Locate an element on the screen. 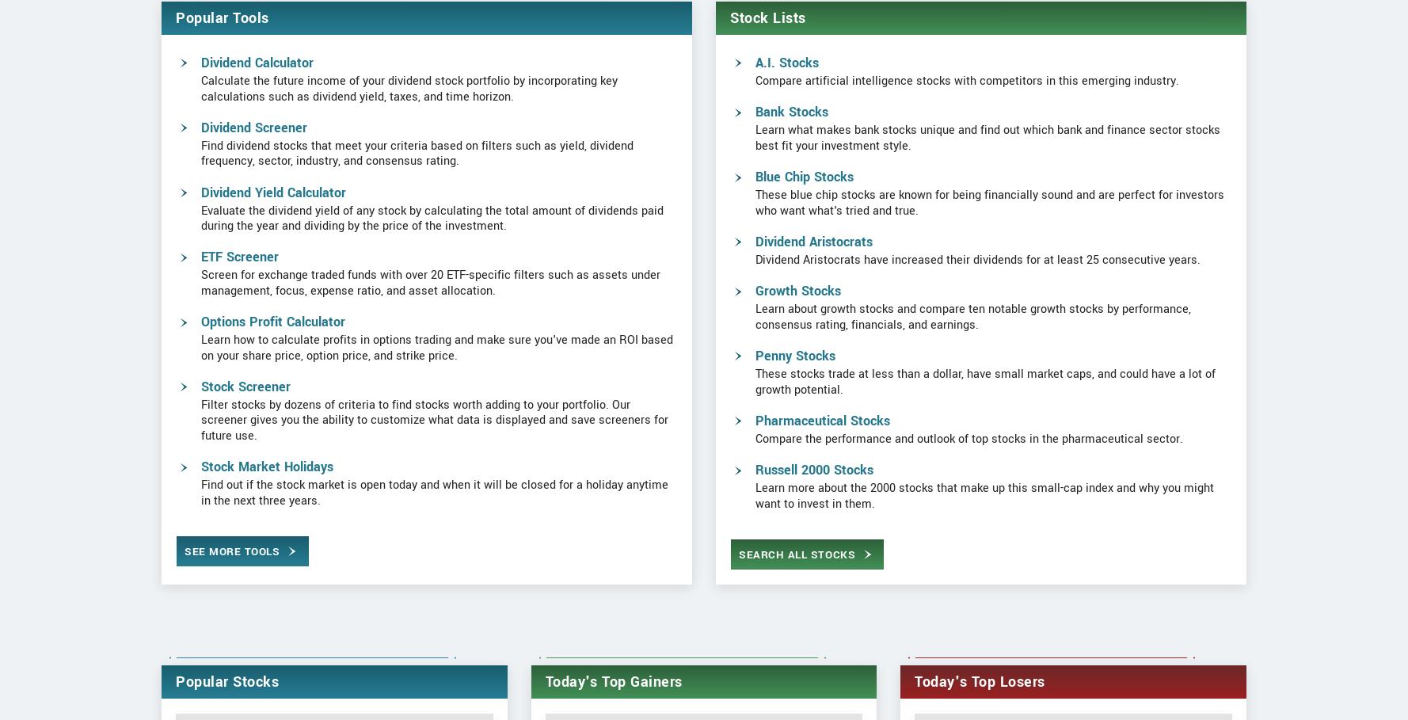 Image resolution: width=1408 pixels, height=720 pixels. 'Dividend Screener' is located at coordinates (253, 187).